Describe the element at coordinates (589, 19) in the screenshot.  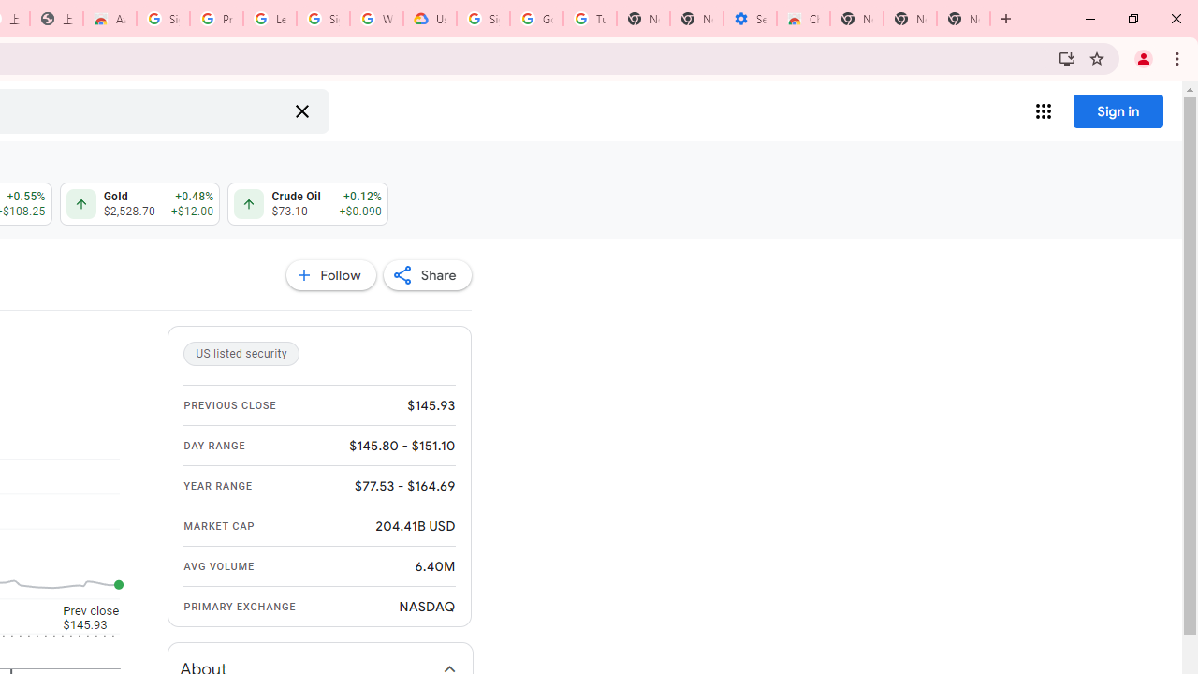
I see `'Turn cookies on or off - Computer - Google Account Help'` at that location.